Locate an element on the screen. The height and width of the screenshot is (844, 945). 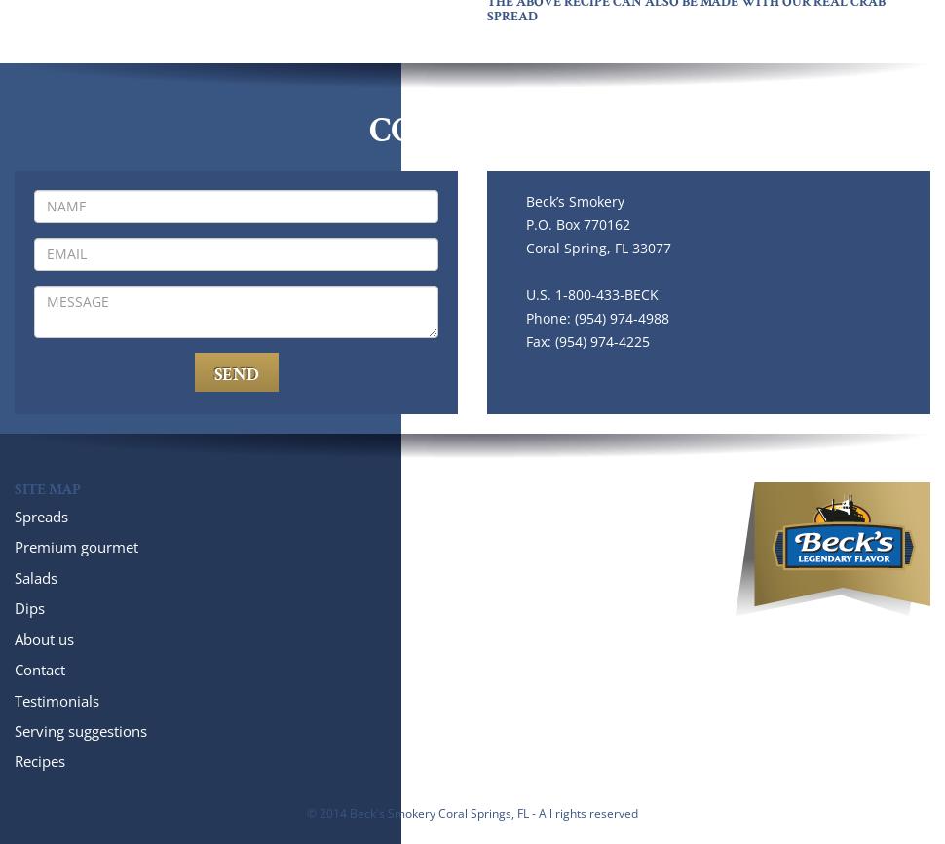
'Contact' is located at coordinates (40, 668).